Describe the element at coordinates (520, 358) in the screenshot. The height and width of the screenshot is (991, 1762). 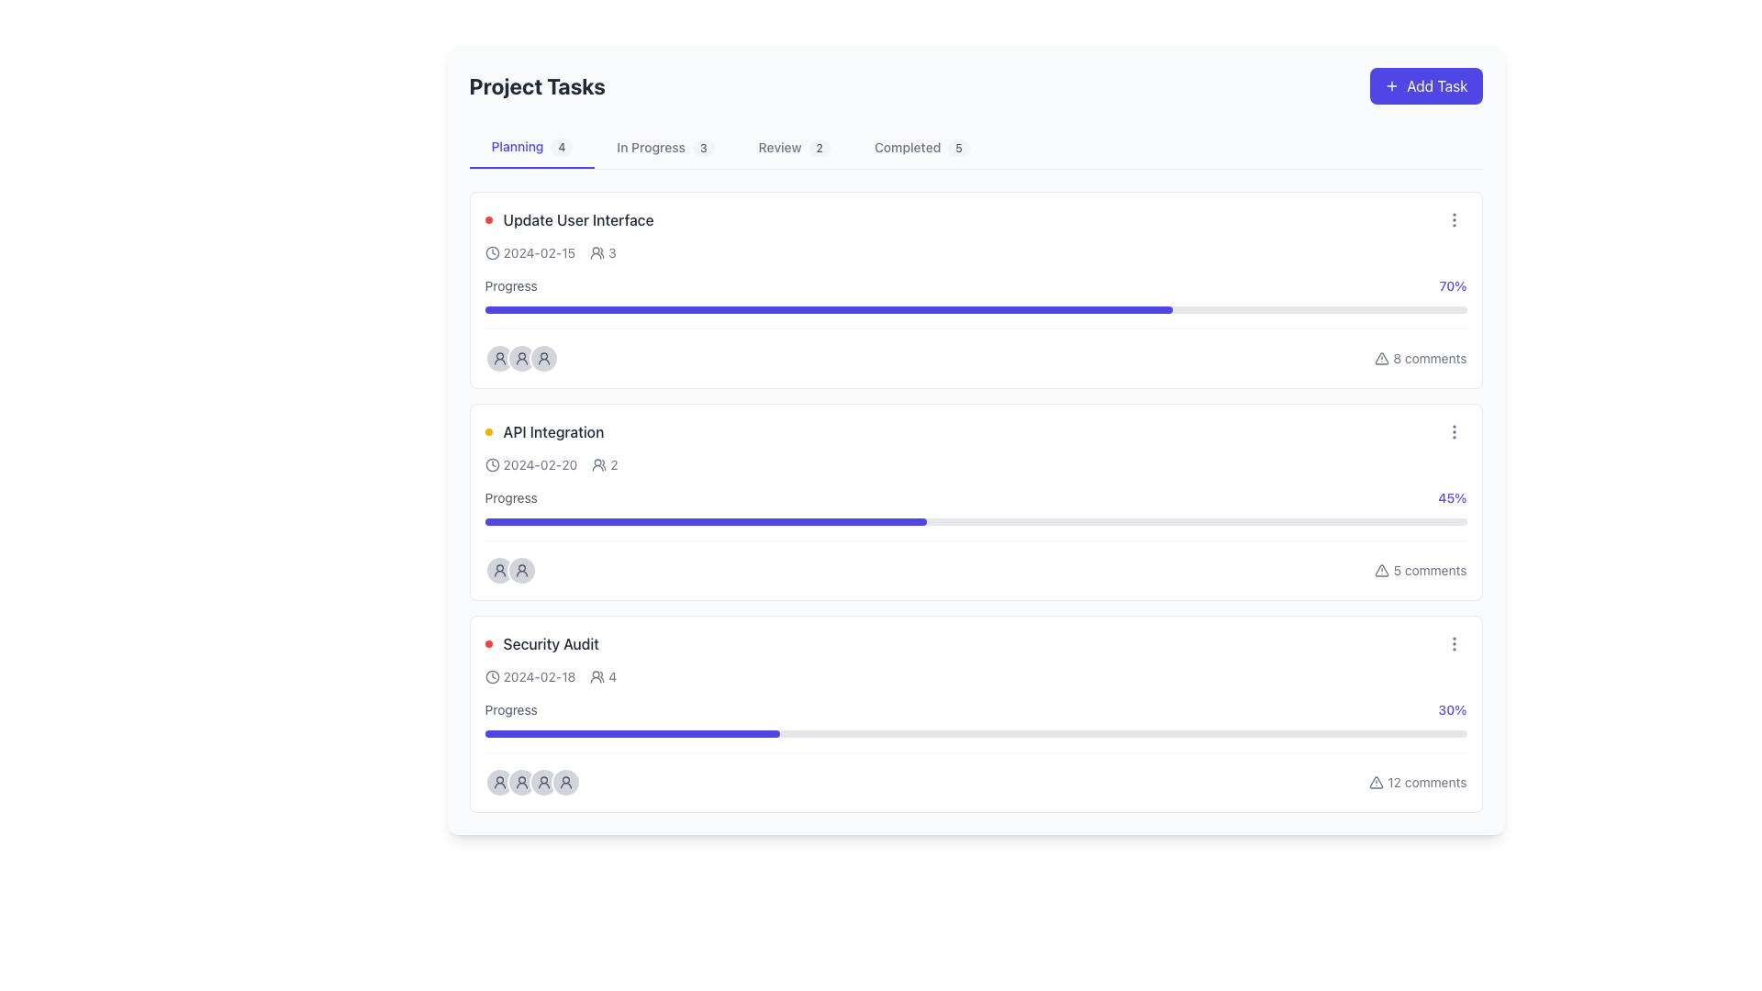
I see `the second circular user avatar component with a gray background and white border, which features a user silhouette icon, located under the 'Update User Interface' task card in the 'Planning' section` at that location.